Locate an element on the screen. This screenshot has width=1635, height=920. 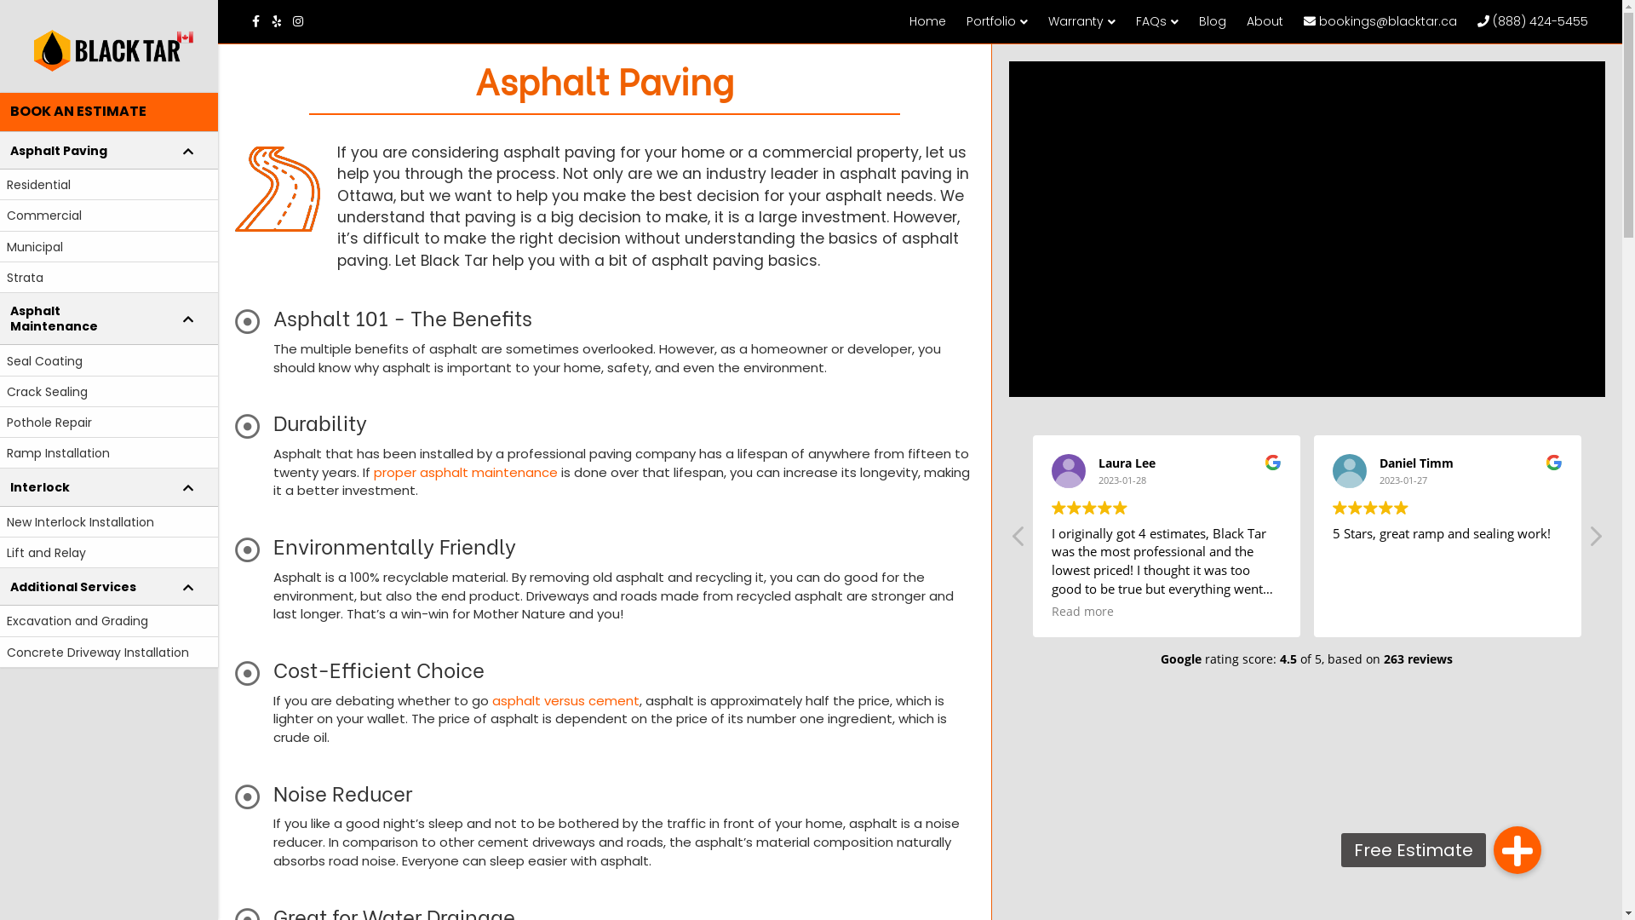
'Concrete Driveway Installation' is located at coordinates (108, 652).